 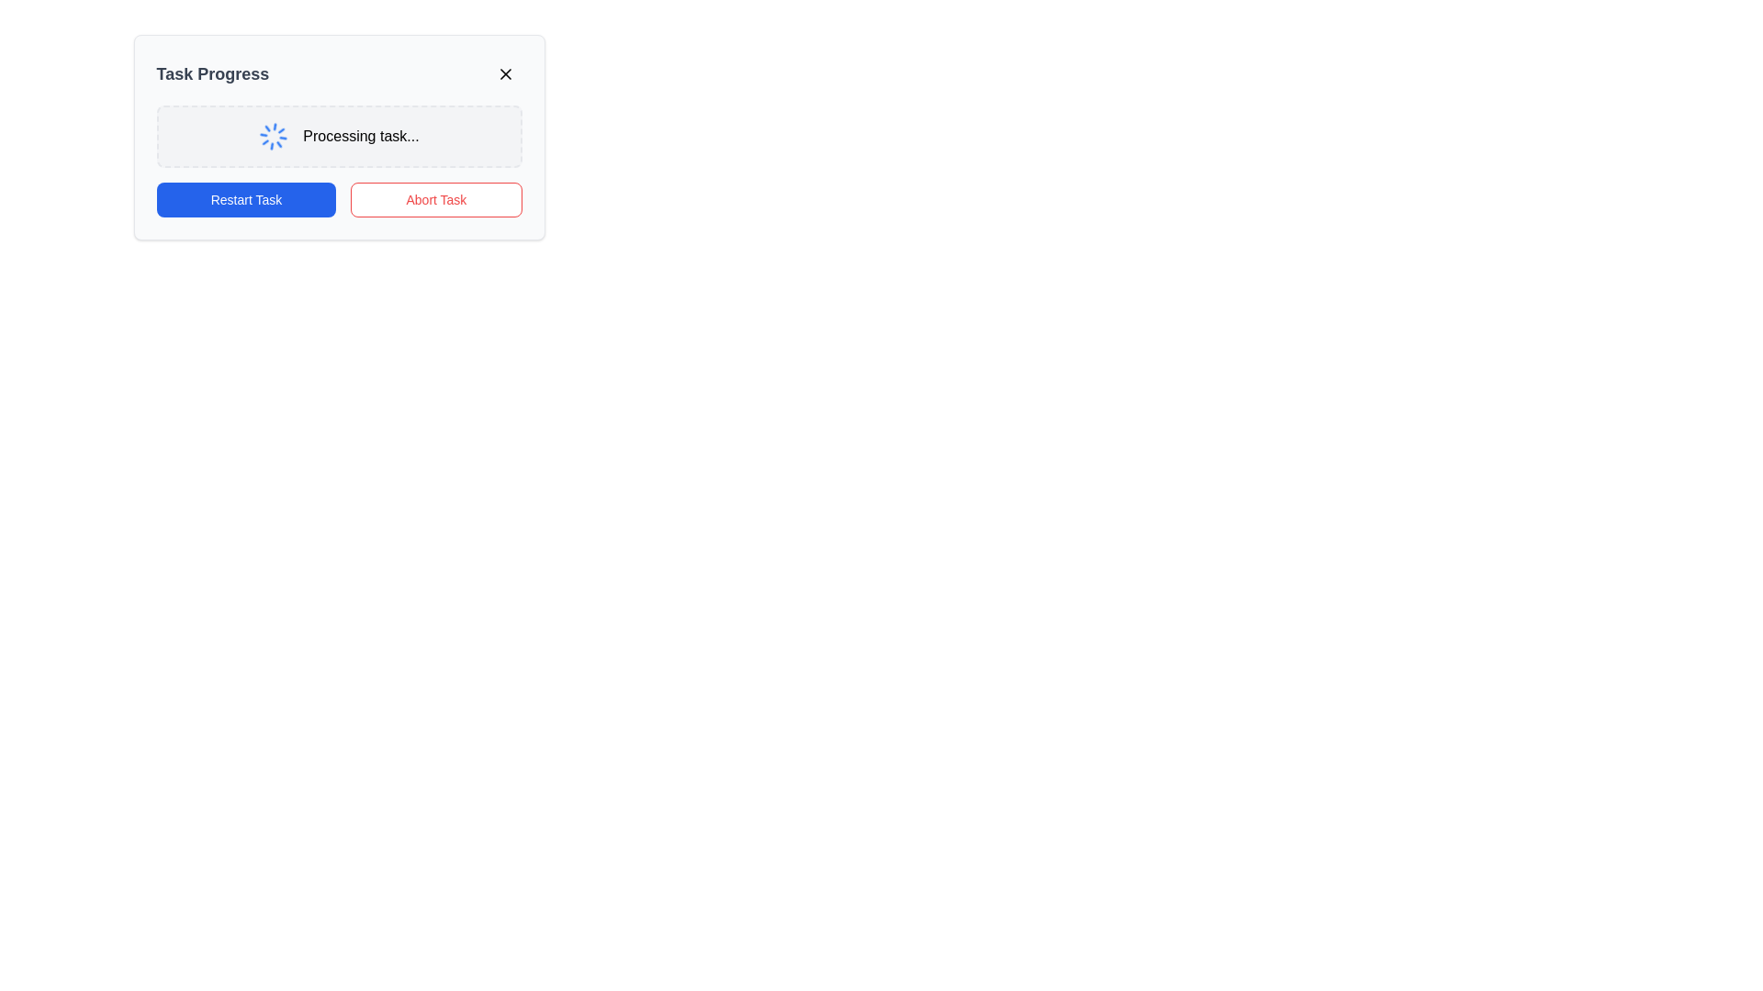 What do you see at coordinates (435, 200) in the screenshot?
I see `the 'Abort Task' button, which is a rectangular button with a white background and red border, to observe the hover effect` at bounding box center [435, 200].